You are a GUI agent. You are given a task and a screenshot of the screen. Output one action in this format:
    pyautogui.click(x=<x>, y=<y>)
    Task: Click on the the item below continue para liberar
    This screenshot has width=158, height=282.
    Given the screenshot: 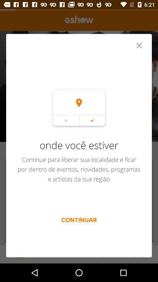 What is the action you would take?
    pyautogui.click(x=79, y=220)
    